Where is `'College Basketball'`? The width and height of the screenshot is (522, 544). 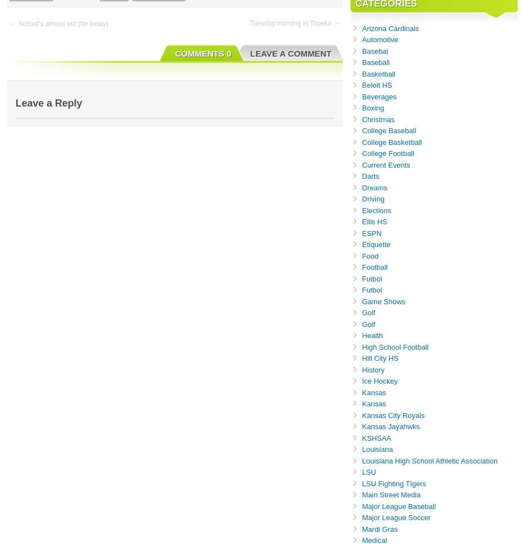
'College Basketball' is located at coordinates (391, 142).